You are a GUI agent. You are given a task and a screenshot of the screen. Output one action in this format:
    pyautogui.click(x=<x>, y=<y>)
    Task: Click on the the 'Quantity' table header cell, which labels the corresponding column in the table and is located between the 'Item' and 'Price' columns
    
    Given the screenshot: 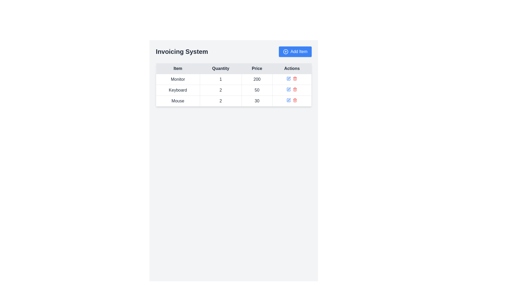 What is the action you would take?
    pyautogui.click(x=221, y=68)
    